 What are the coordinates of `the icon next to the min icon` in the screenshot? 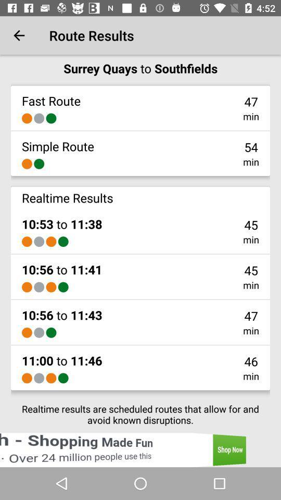 It's located at (63, 242).